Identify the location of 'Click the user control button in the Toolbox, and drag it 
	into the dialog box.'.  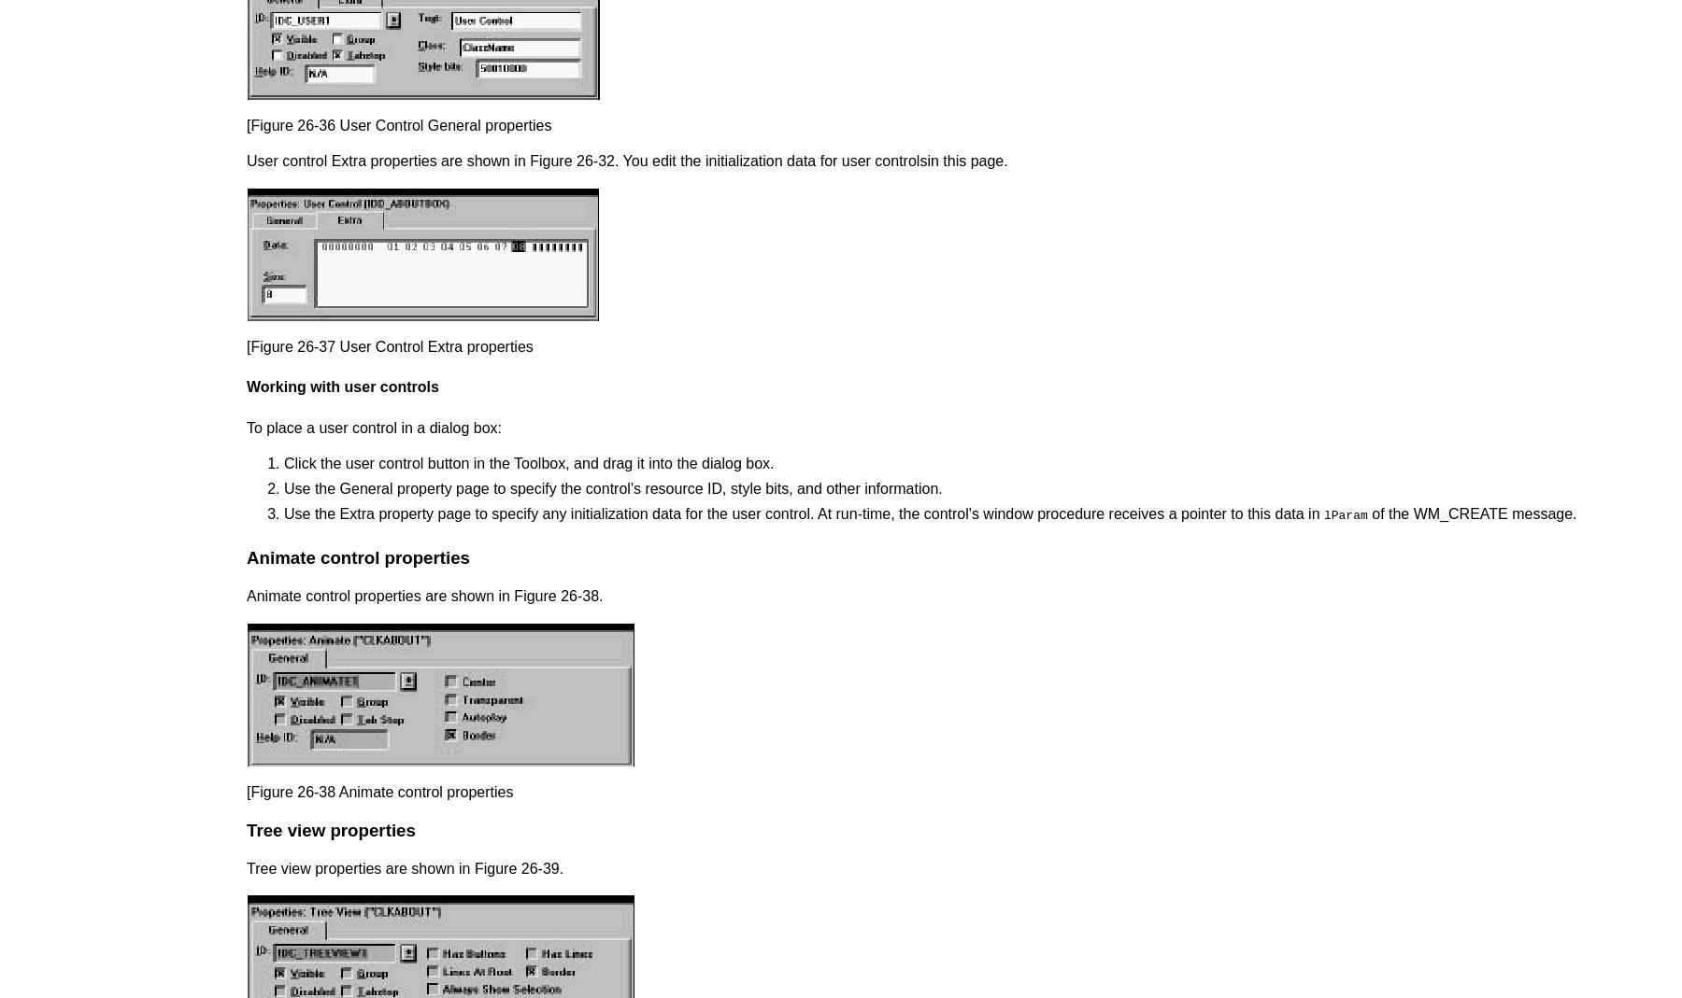
(528, 462).